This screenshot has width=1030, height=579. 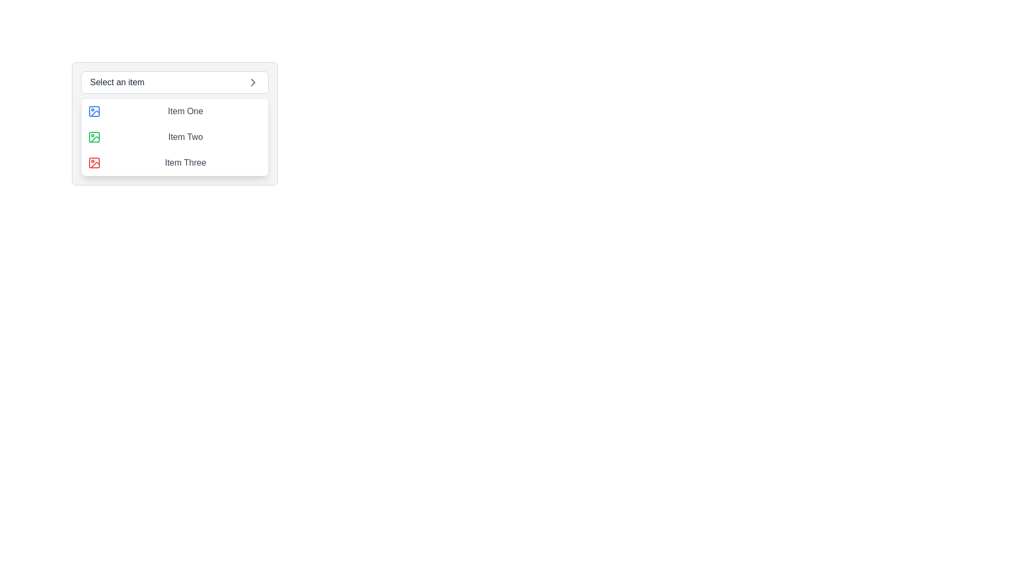 I want to click on the text label 'Item Three' in the dropdown menu, so click(x=185, y=163).